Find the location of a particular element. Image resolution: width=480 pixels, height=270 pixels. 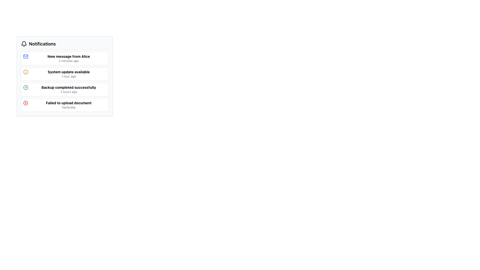

text content of the notification item displaying 'Failed to upload document' and 'Yesterday' located in the fourth notification item of the list is located at coordinates (68, 105).